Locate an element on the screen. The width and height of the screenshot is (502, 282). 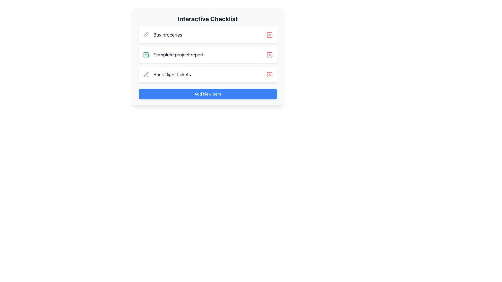
the 'Buy groceries' checklist item text is located at coordinates (162, 35).